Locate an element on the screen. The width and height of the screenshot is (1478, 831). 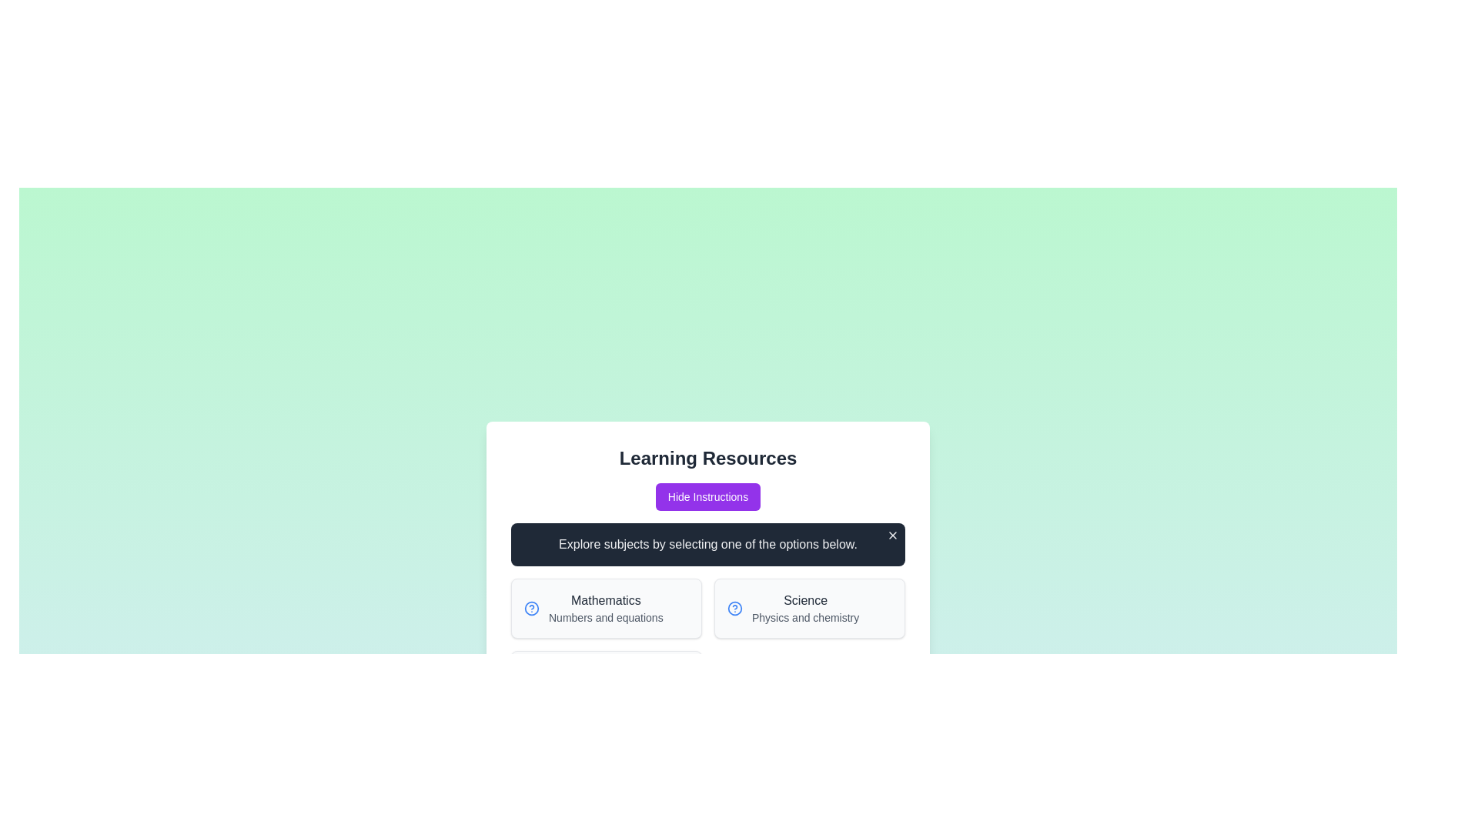
the rectangular button labeled 'Science' with a blue question mark icon is located at coordinates (808, 607).